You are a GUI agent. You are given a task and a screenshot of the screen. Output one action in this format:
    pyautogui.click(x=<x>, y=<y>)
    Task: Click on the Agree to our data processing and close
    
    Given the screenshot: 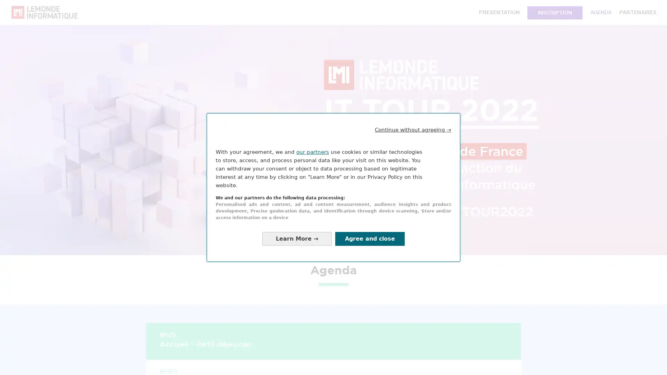 What is the action you would take?
    pyautogui.click(x=370, y=238)
    